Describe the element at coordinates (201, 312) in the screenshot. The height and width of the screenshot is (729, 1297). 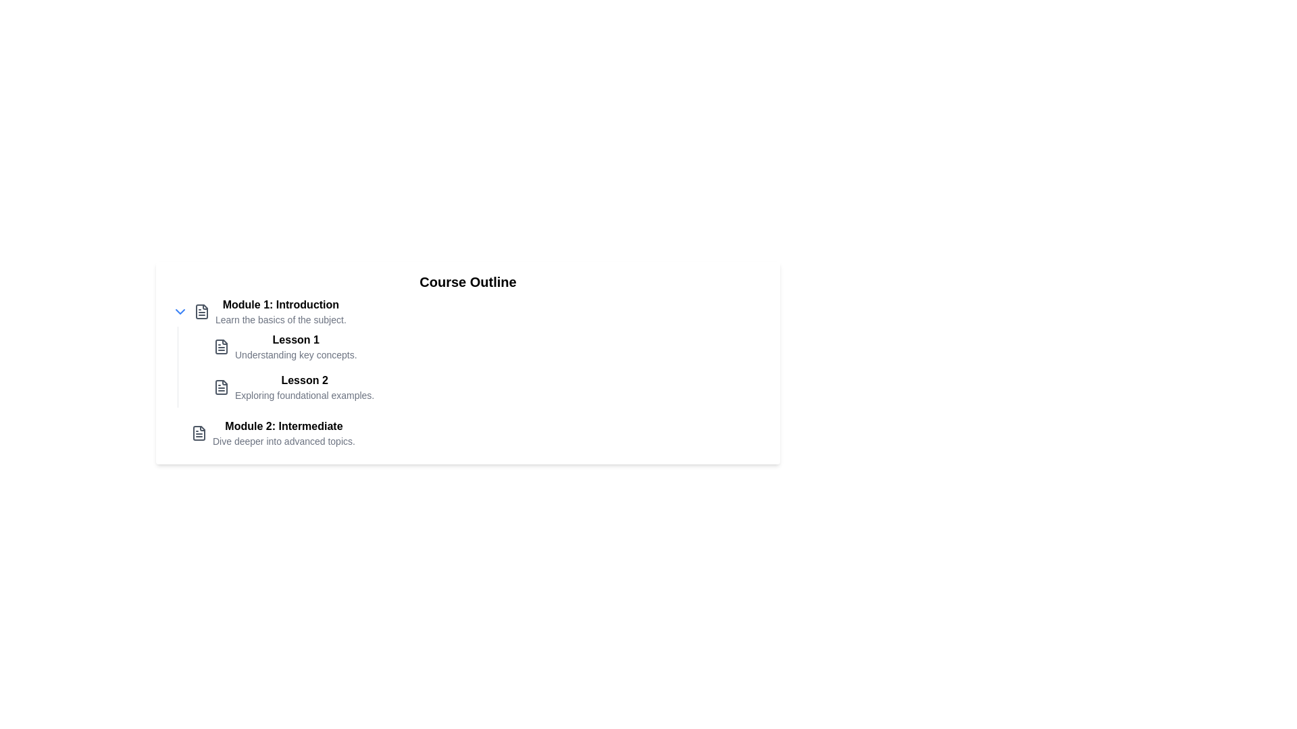
I see `the document or file icon located in the left sidebar associated with the 'Lesson 1' section heading` at that location.